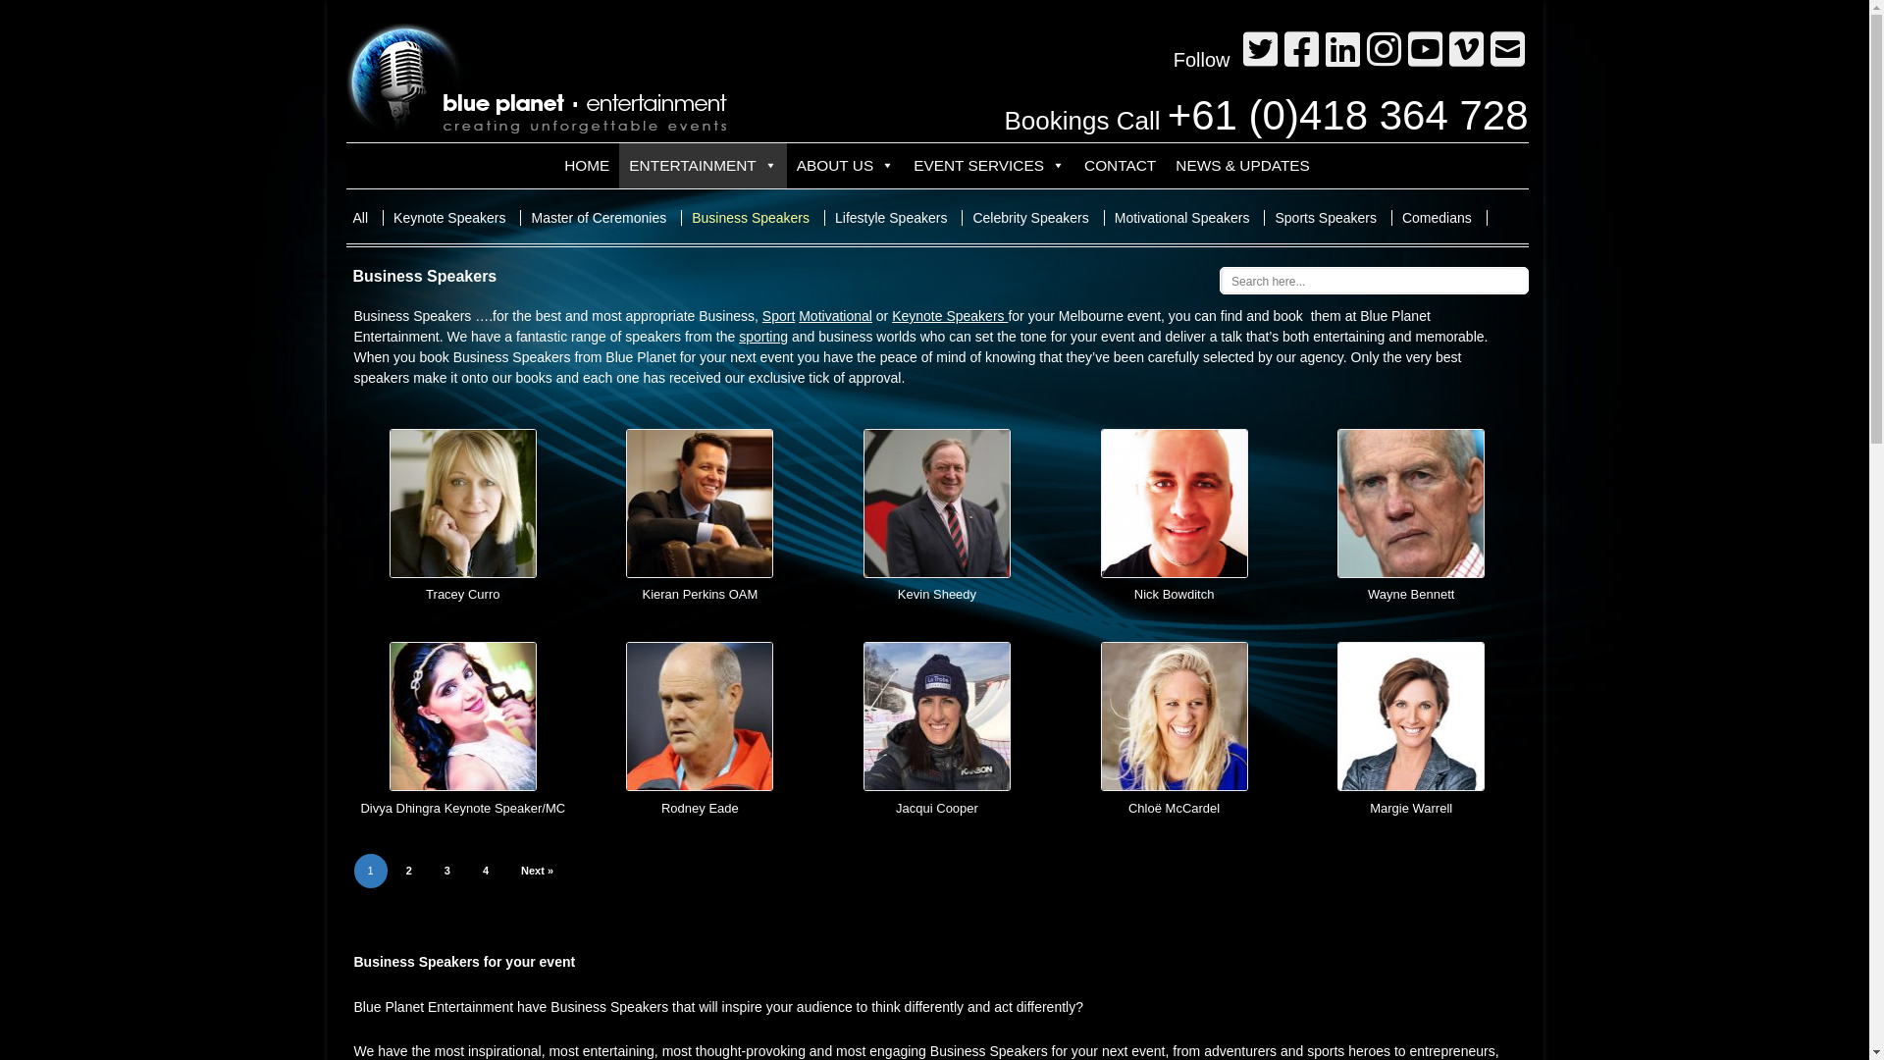 The image size is (1884, 1060). I want to click on '2', so click(408, 870).